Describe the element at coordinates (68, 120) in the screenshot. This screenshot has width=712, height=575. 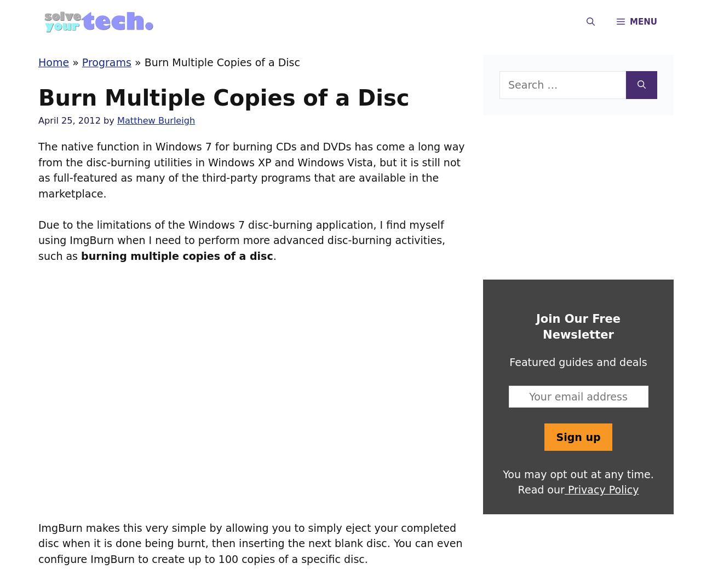
I see `'April 25, 2012'` at that location.